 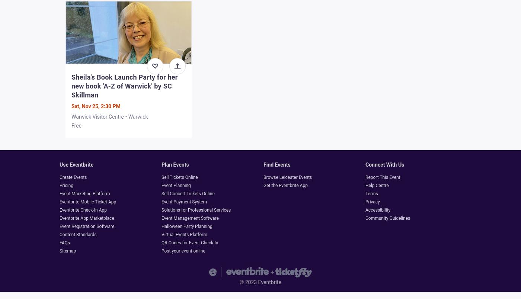 I want to click on 'Halloween Party Planning', so click(x=187, y=226).